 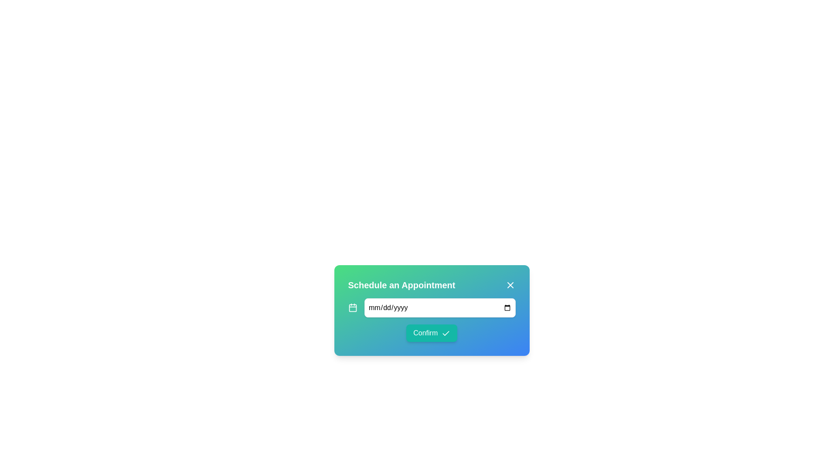 What do you see at coordinates (432, 333) in the screenshot?
I see `the confirmation button located at the bottom-center of the modal form` at bounding box center [432, 333].